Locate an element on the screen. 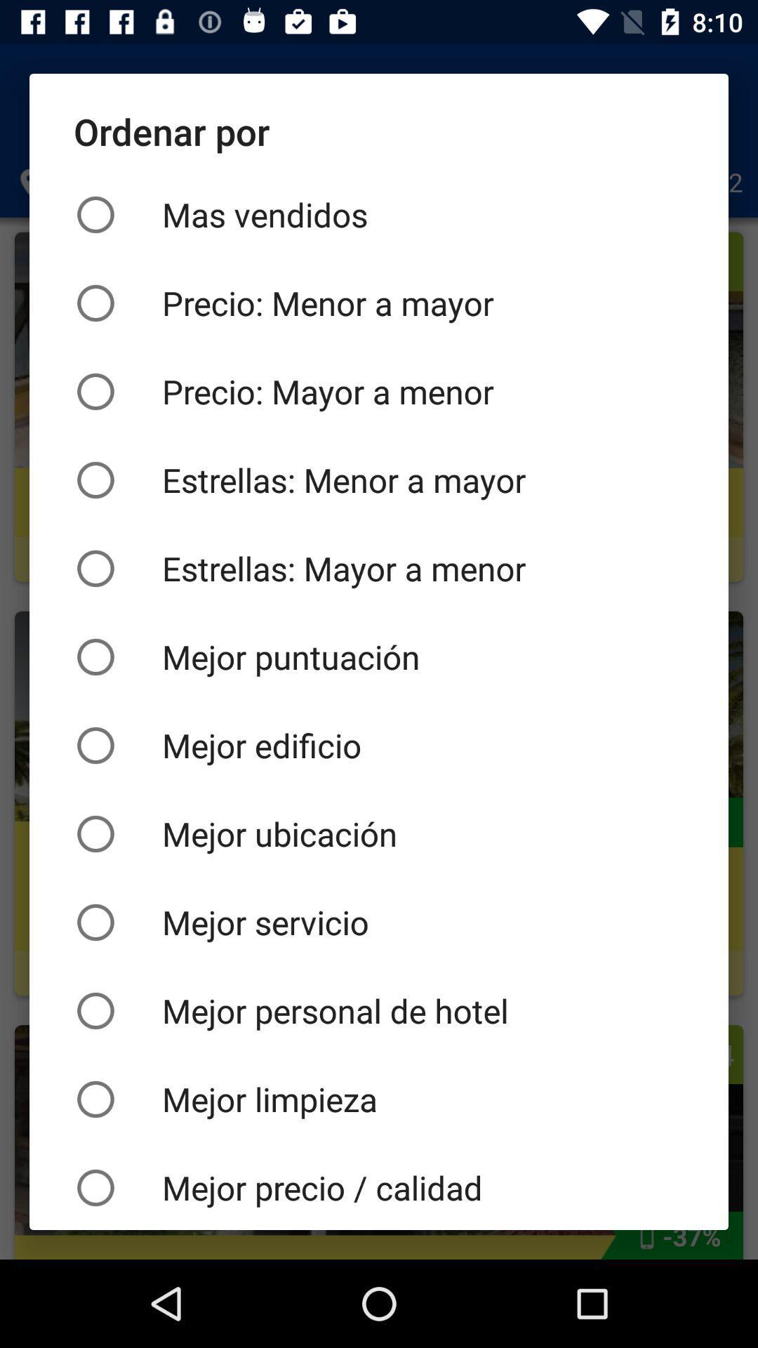  mejor precio / calidad is located at coordinates (379, 1186).